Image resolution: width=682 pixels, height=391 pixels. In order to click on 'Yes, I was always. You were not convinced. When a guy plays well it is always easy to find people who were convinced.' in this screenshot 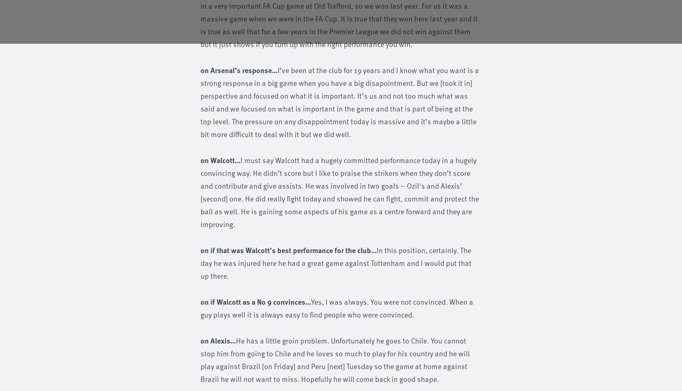, I will do `click(336, 307)`.